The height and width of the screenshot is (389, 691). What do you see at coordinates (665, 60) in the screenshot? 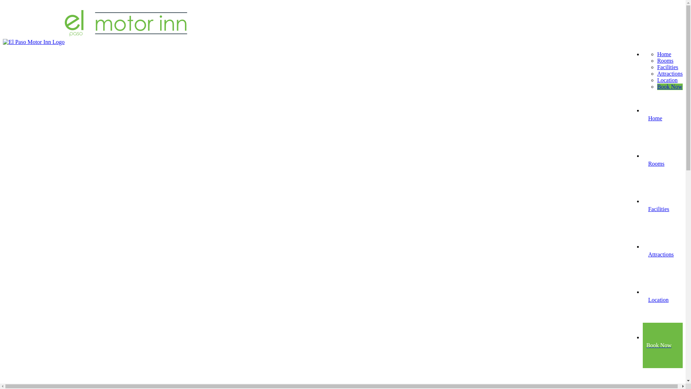
I see `'Rooms'` at bounding box center [665, 60].